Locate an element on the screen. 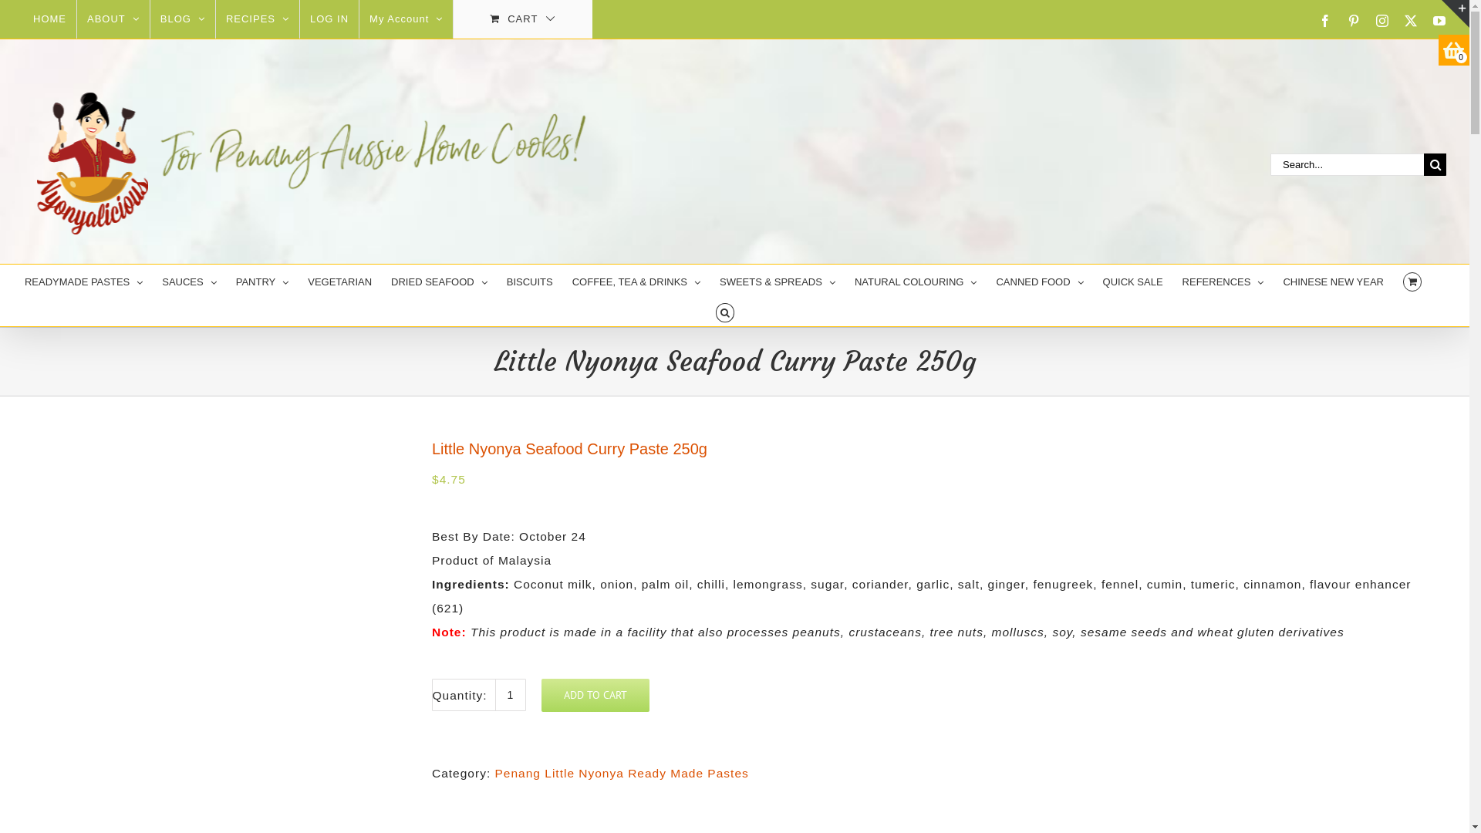  'RECIPES' is located at coordinates (214, 19).